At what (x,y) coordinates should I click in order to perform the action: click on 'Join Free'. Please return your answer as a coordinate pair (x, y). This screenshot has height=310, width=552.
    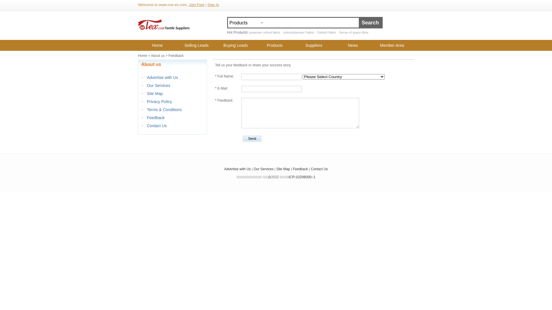
    Looking at the image, I should click on (189, 5).